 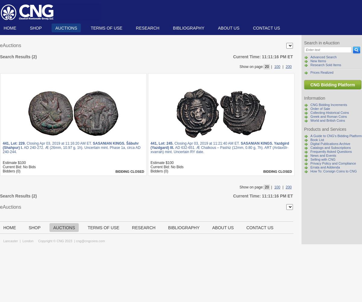 I want to click on 'Lancaster', so click(x=11, y=241).